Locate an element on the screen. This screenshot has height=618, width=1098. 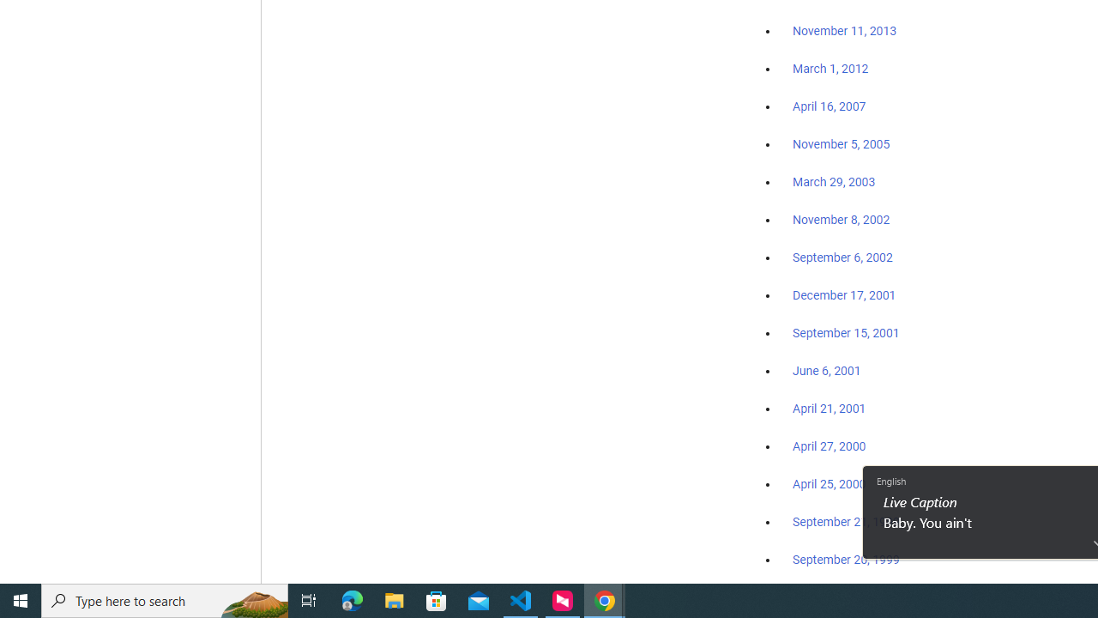
'April 16, 2007' is located at coordinates (830, 106).